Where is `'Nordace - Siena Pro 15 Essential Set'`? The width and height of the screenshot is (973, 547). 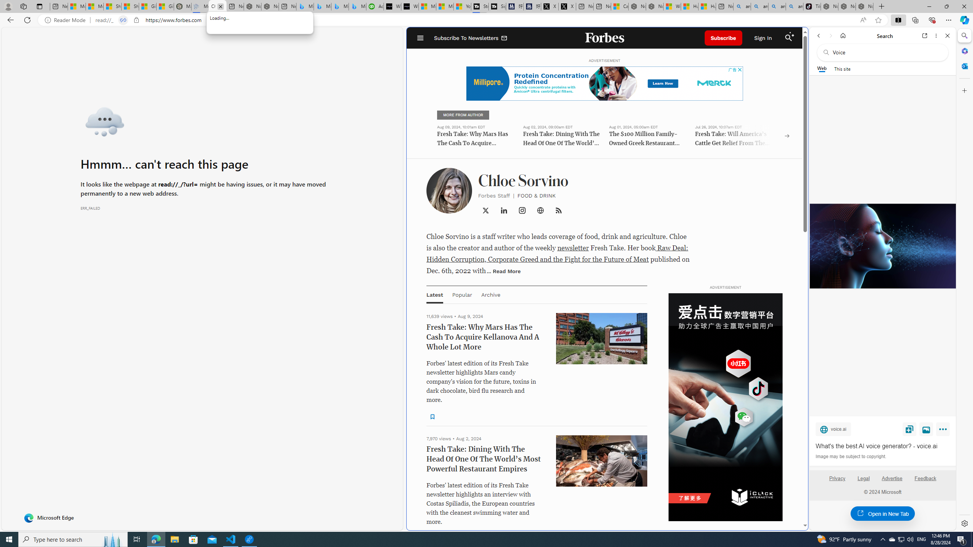 'Nordace - Siena Pro 15 Essential Set' is located at coordinates (864, 6).